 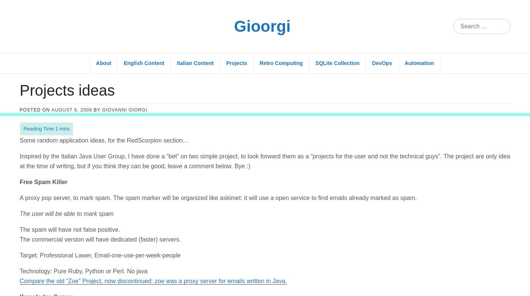 What do you see at coordinates (43, 68) in the screenshot?
I see `'Free Spam Killer'` at bounding box center [43, 68].